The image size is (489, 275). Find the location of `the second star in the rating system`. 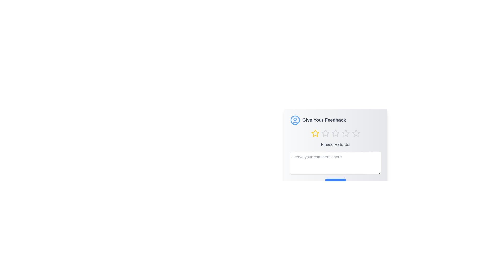

the second star in the rating system is located at coordinates (325, 133).